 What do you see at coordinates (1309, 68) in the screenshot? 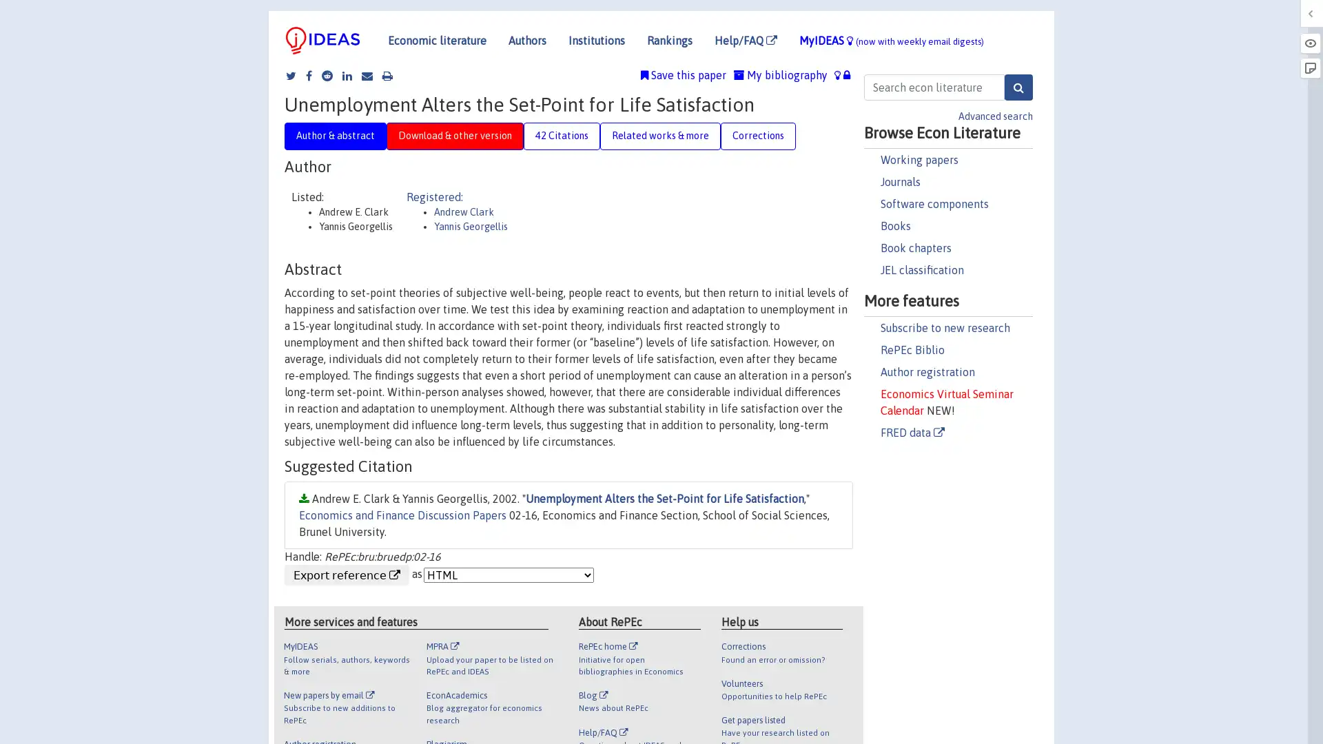
I see `New page note` at bounding box center [1309, 68].